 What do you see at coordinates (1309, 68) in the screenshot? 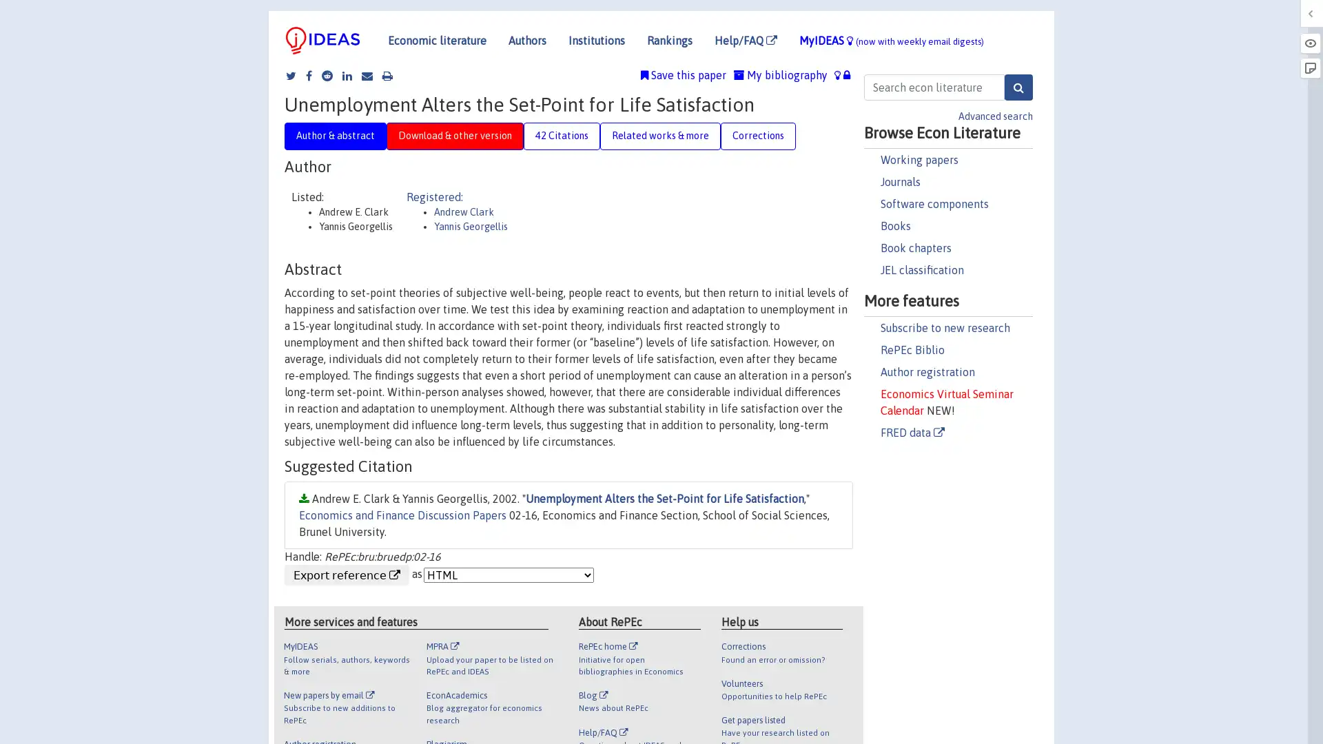
I see `New page note` at bounding box center [1309, 68].